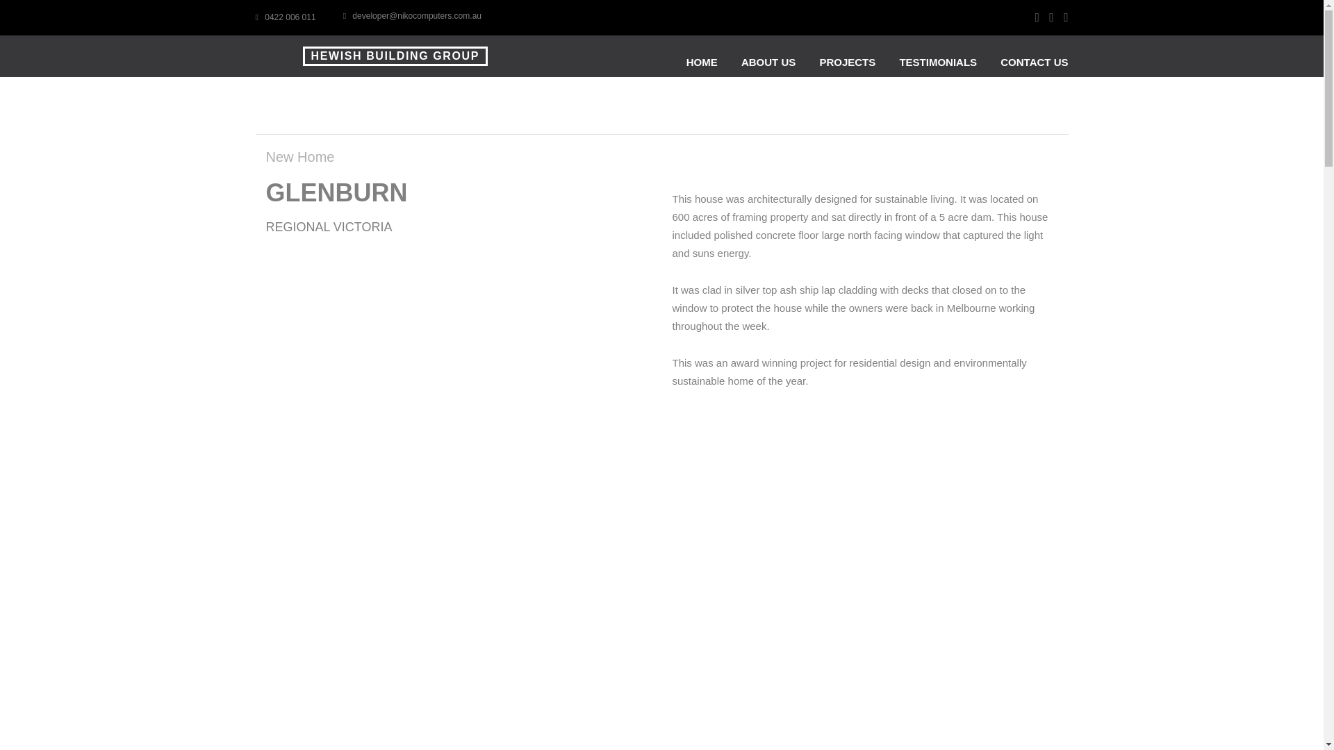 Image resolution: width=1334 pixels, height=750 pixels. Describe the element at coordinates (411, 16) in the screenshot. I see `'developer@nikocomputers.com.au'` at that location.